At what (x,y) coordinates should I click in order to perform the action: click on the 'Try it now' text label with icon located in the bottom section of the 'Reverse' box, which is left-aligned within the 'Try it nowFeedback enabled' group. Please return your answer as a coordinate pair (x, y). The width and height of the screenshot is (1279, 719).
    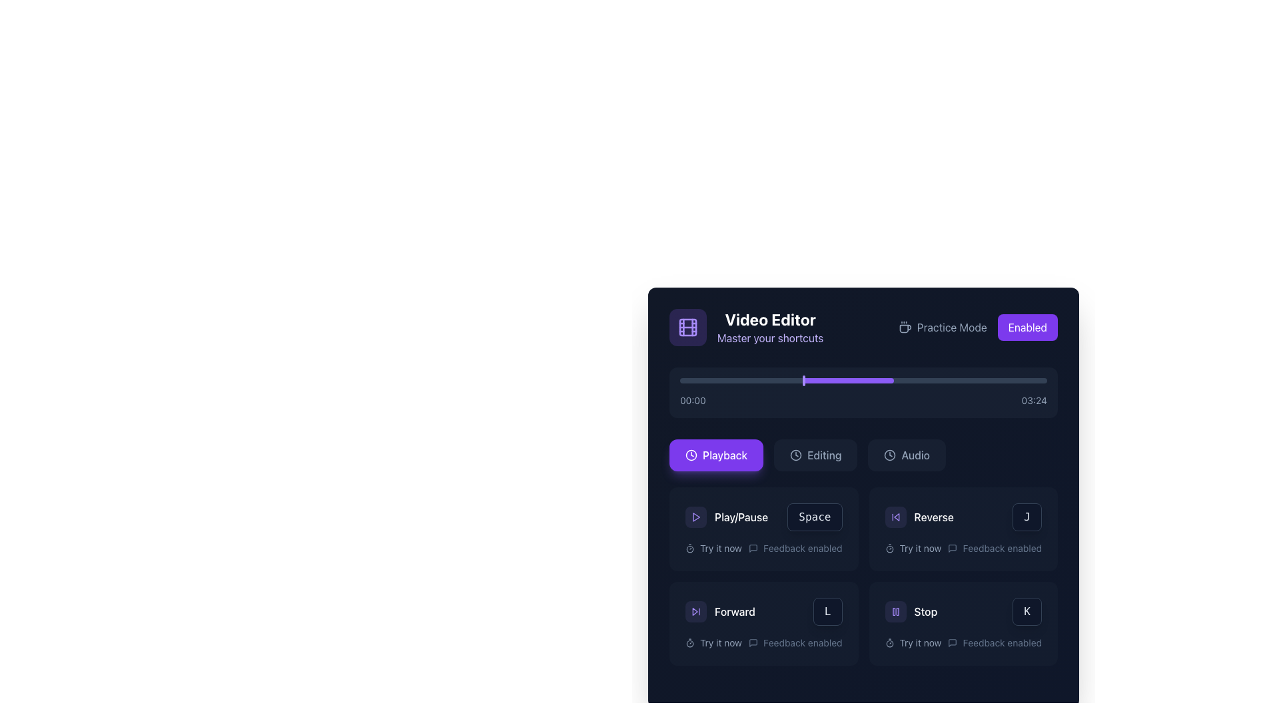
    Looking at the image, I should click on (912, 549).